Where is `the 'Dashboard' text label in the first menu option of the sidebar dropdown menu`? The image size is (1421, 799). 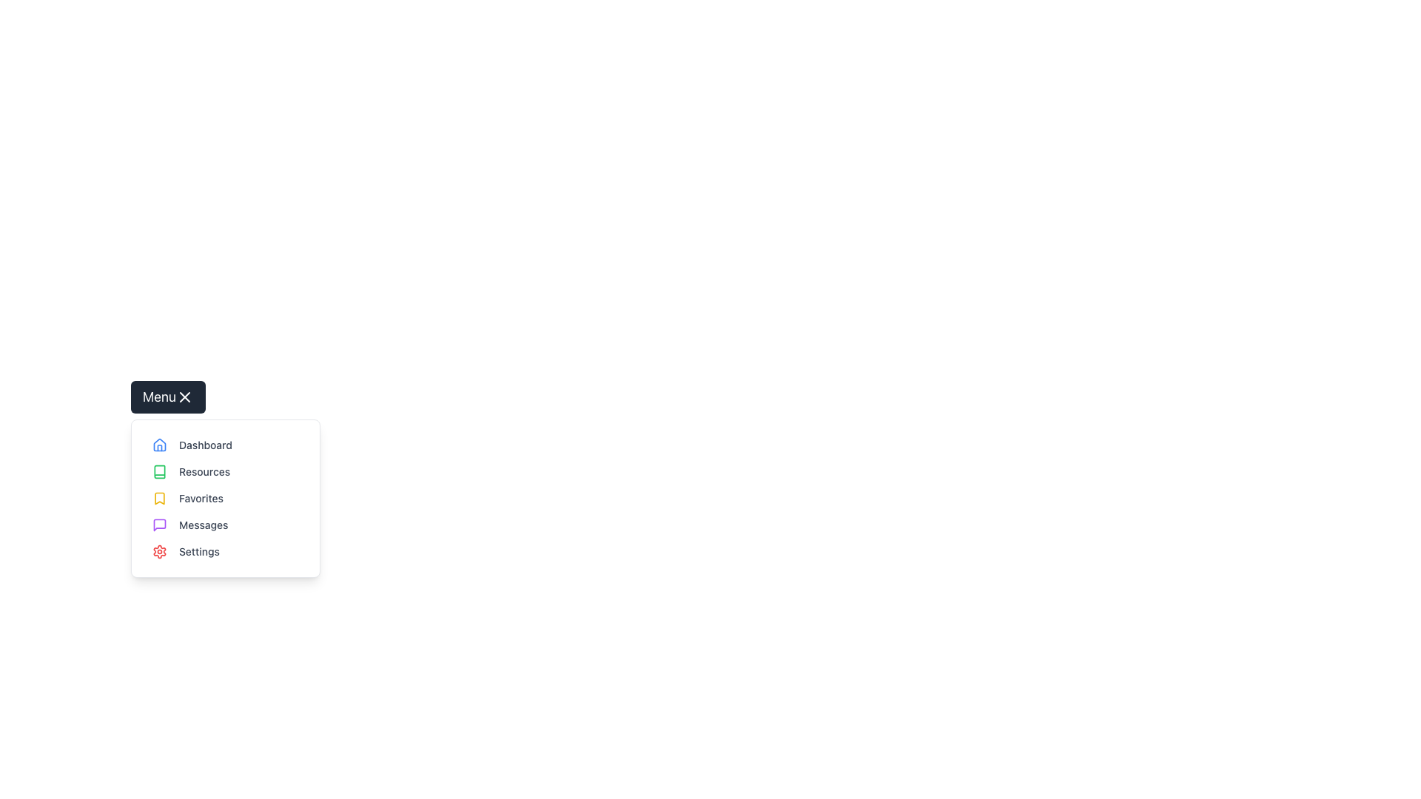 the 'Dashboard' text label in the first menu option of the sidebar dropdown menu is located at coordinates (205, 444).